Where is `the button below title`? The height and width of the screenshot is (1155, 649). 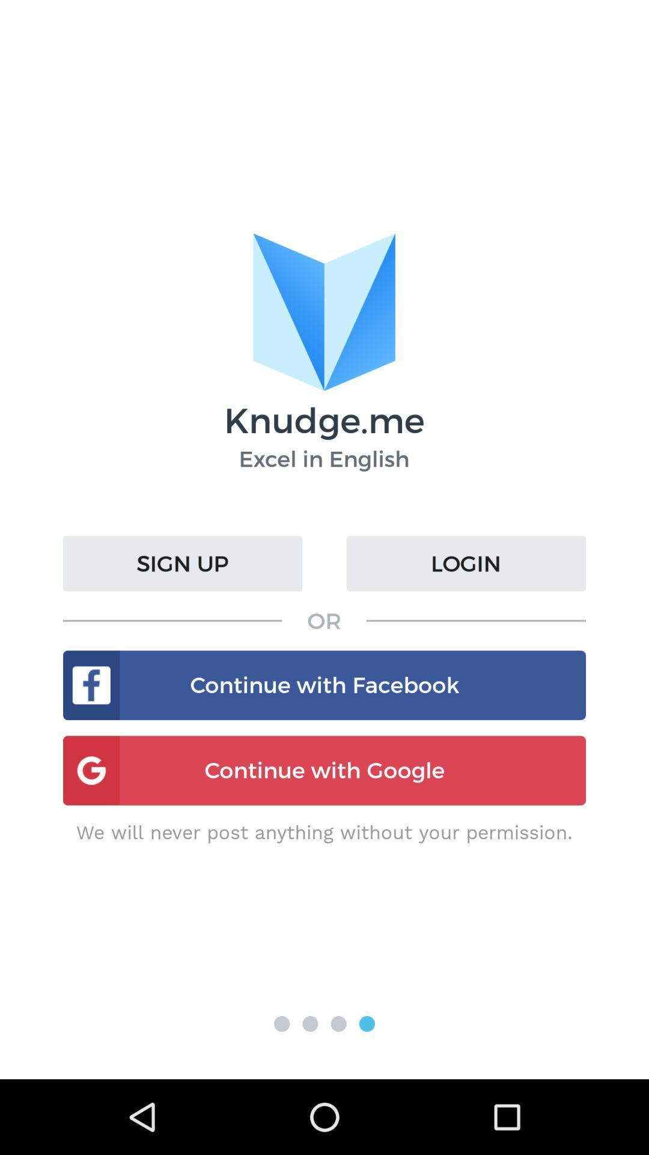
the button below title is located at coordinates (183, 562).